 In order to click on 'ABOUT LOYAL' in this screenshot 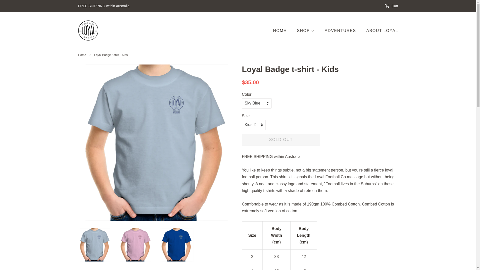, I will do `click(380, 30)`.